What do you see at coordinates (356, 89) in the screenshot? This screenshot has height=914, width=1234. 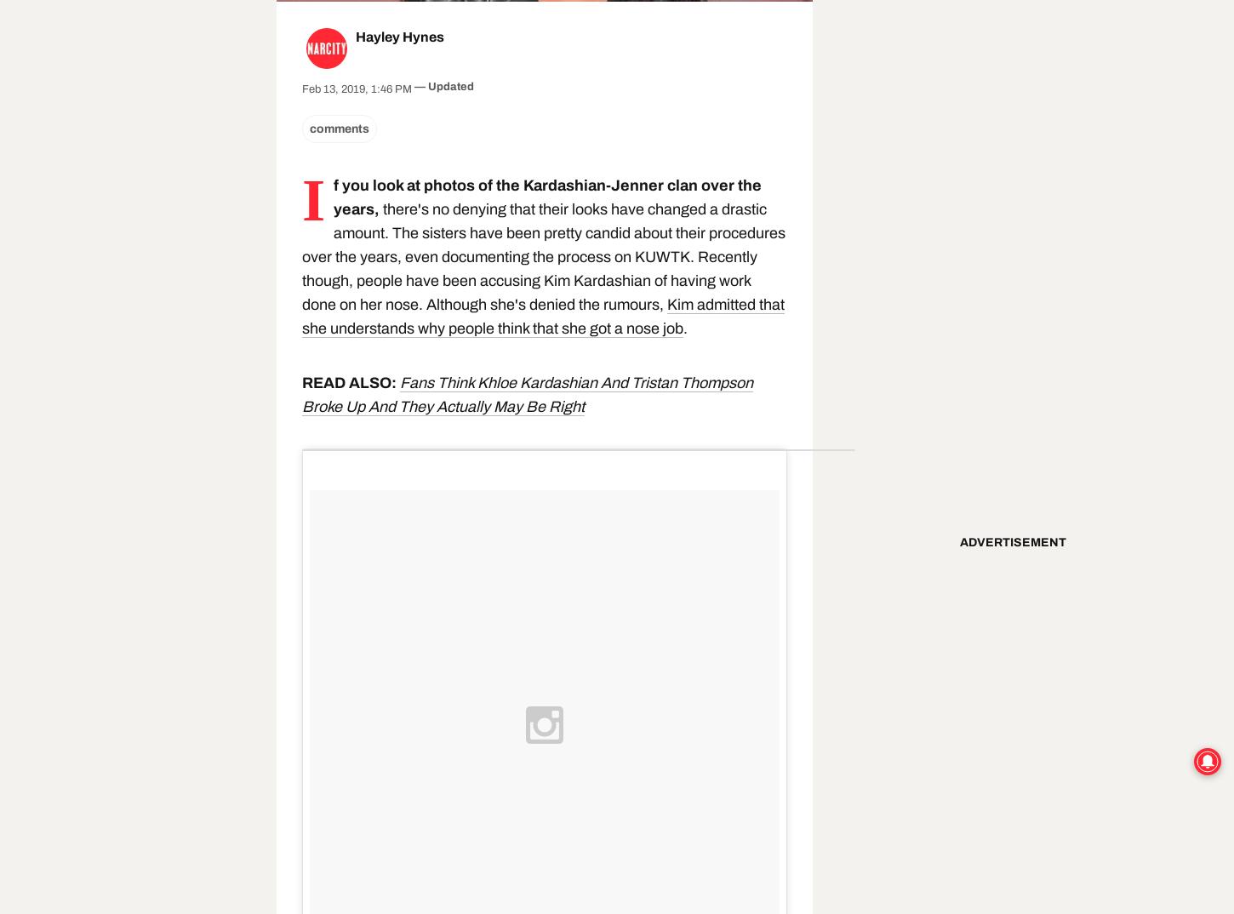 I see `'Feb 13, 2019, 1:46 PM'` at bounding box center [356, 89].